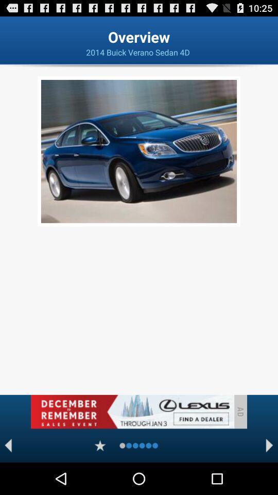 Image resolution: width=278 pixels, height=495 pixels. What do you see at coordinates (100, 476) in the screenshot?
I see `the star icon` at bounding box center [100, 476].